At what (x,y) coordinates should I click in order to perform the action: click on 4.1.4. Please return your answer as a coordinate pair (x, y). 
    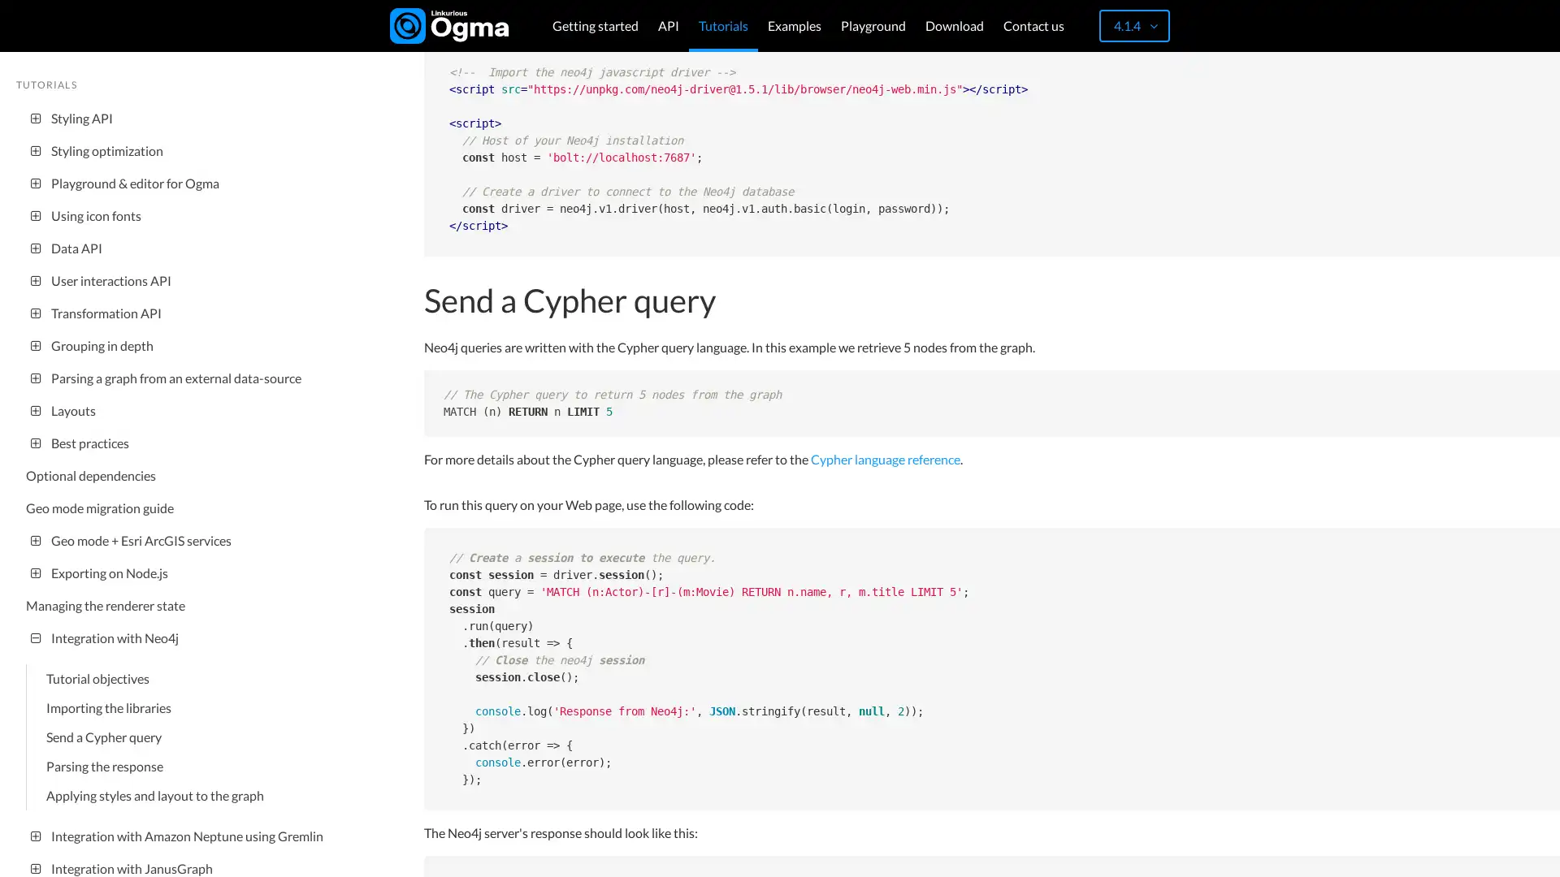
    Looking at the image, I should click on (1133, 25).